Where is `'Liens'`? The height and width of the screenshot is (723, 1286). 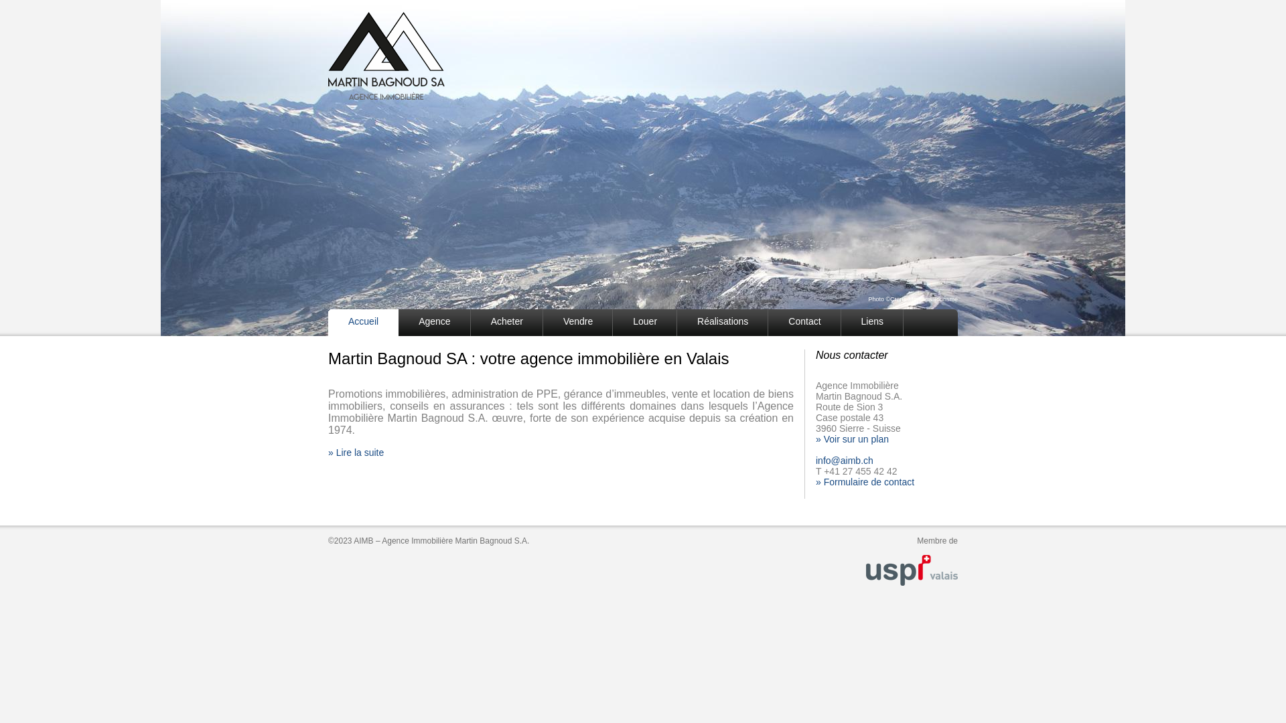
'Liens' is located at coordinates (872, 323).